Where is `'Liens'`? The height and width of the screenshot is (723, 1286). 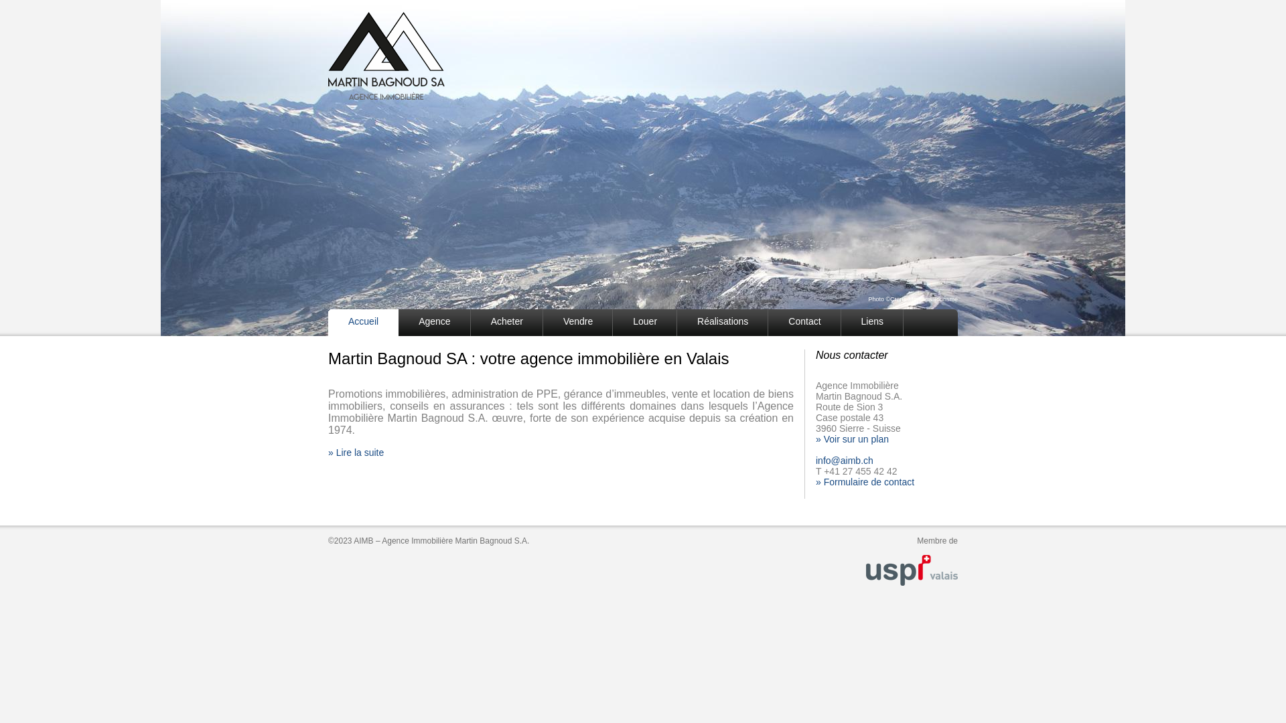
'Liens' is located at coordinates (872, 323).